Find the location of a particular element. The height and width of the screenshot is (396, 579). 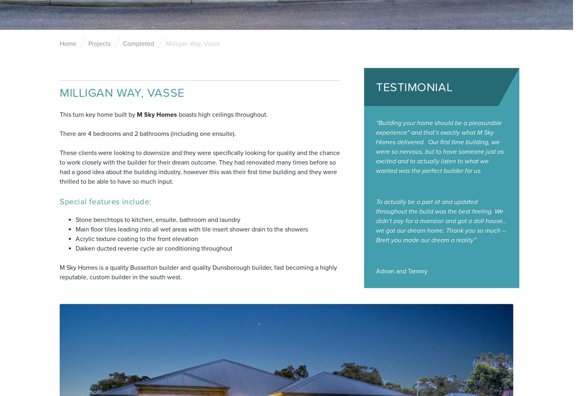

'Daiken ducted reverse cycle air conditioning throughout' is located at coordinates (154, 248).